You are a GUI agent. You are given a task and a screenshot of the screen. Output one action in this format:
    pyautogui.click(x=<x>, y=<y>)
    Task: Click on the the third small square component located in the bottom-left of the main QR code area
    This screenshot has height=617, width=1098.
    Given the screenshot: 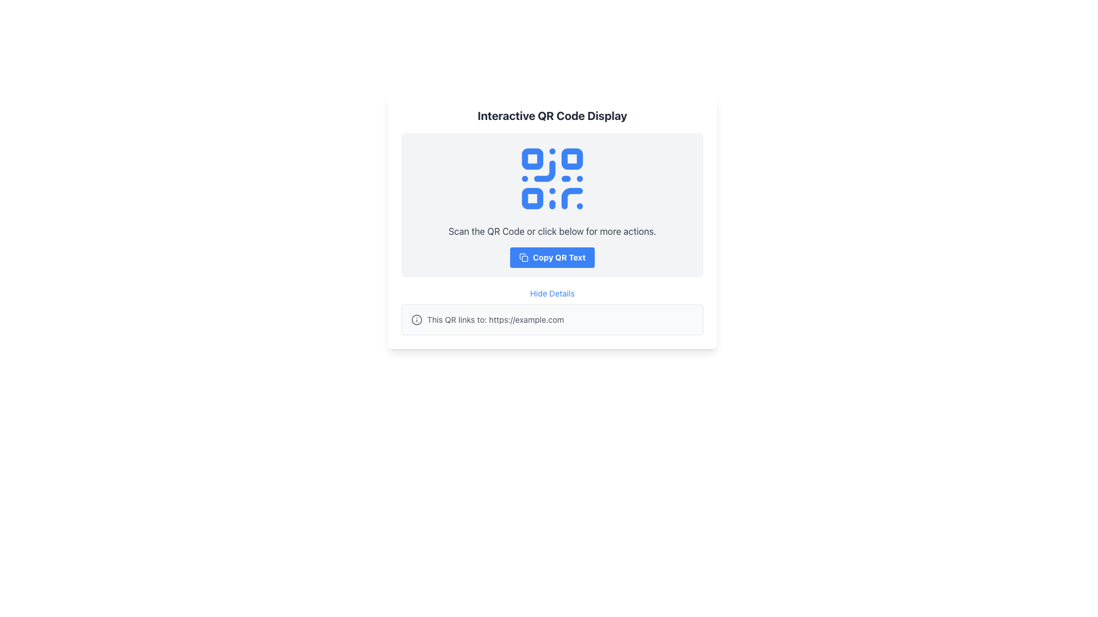 What is the action you would take?
    pyautogui.click(x=532, y=198)
    